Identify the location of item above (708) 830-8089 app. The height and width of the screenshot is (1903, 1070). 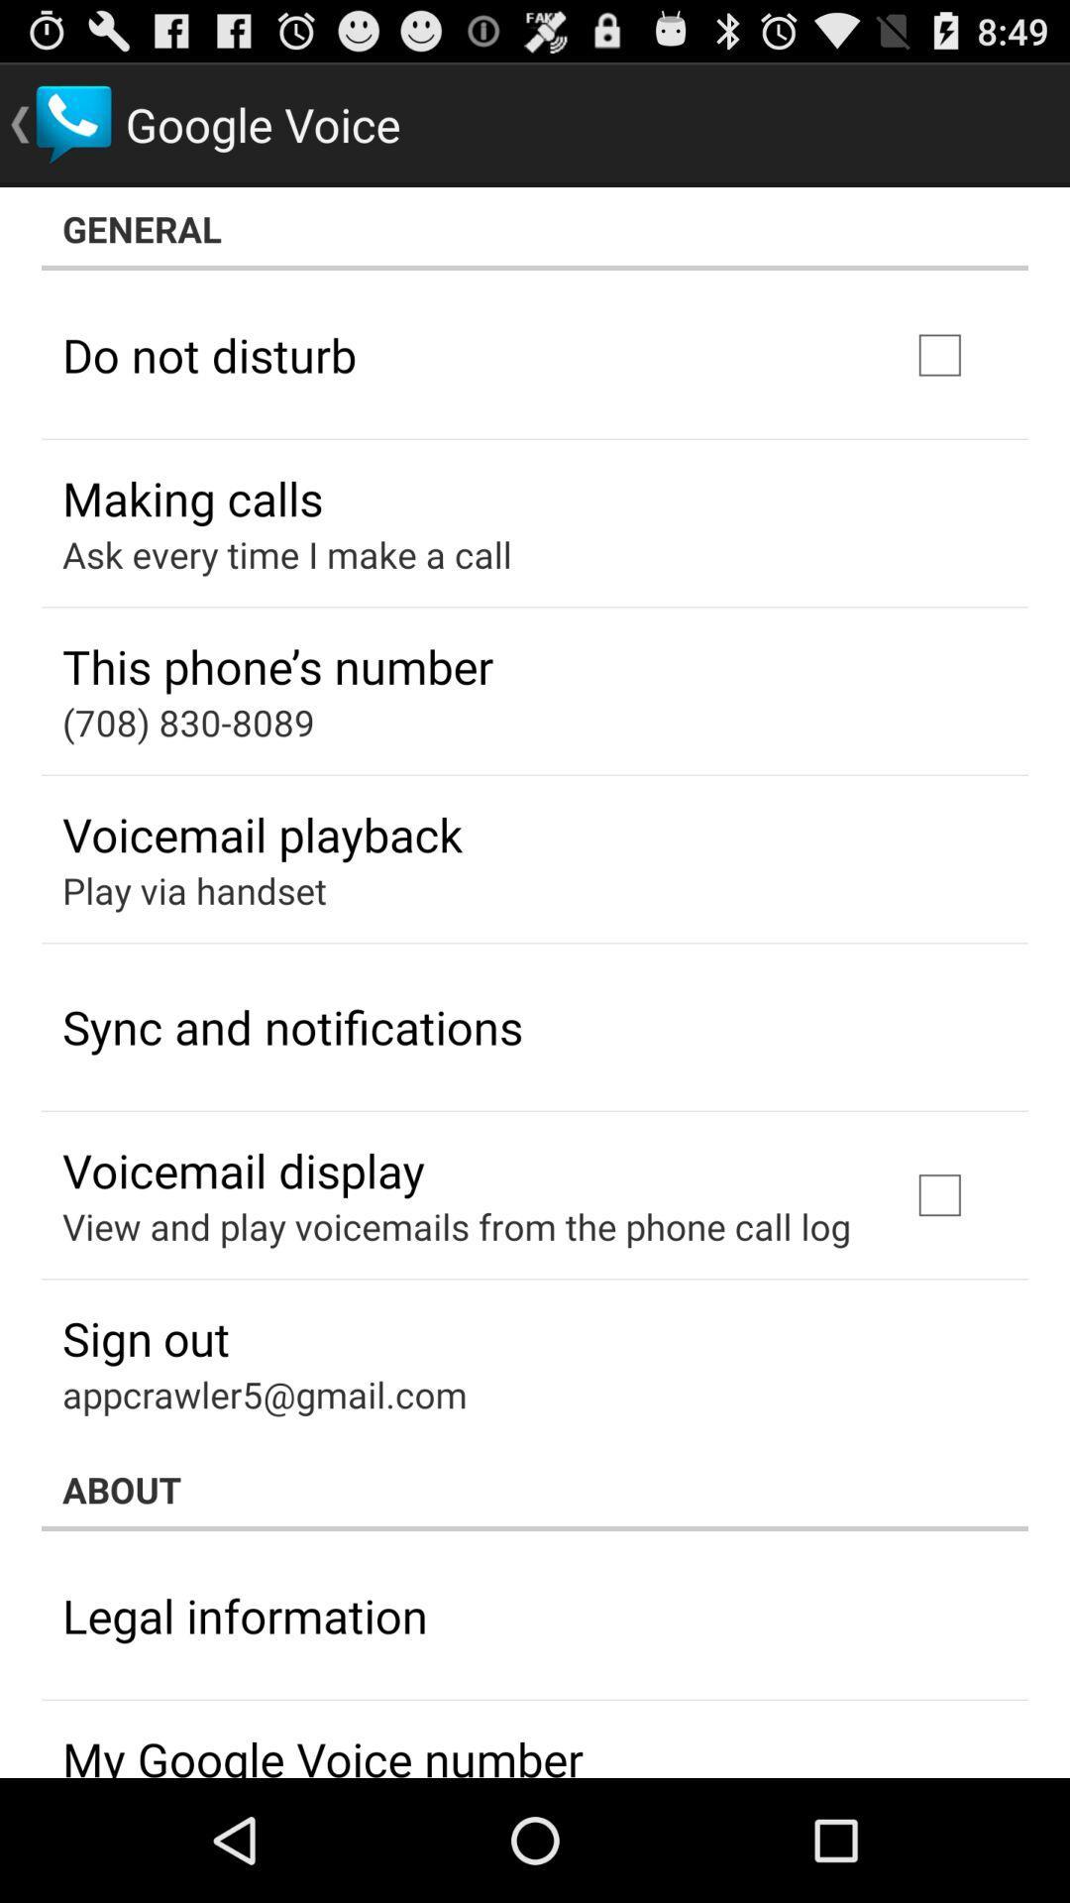
(277, 666).